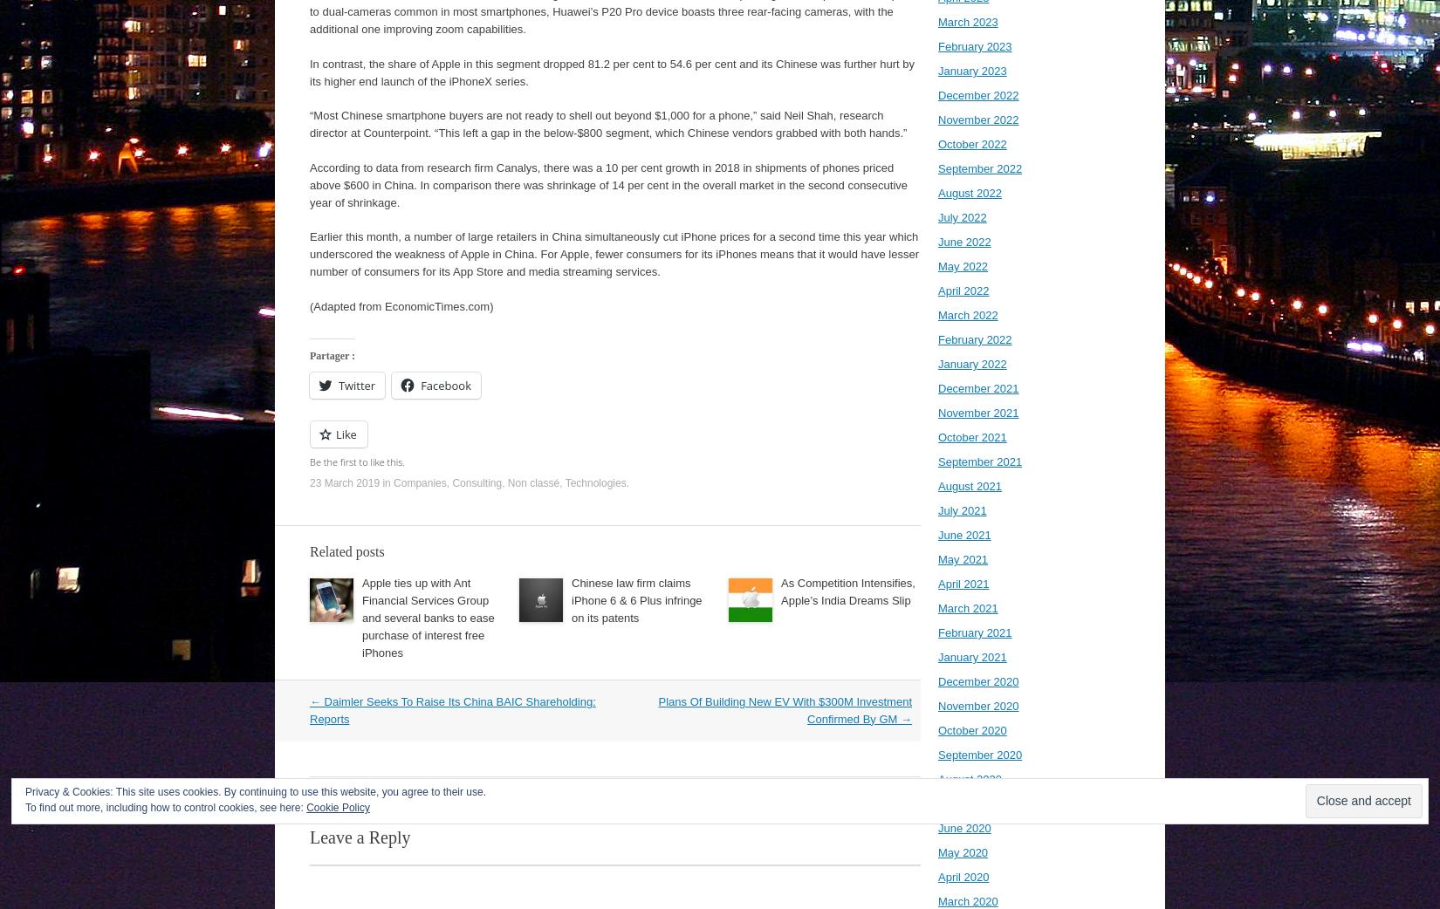 The image size is (1440, 909). What do you see at coordinates (979, 755) in the screenshot?
I see `'September 2020'` at bounding box center [979, 755].